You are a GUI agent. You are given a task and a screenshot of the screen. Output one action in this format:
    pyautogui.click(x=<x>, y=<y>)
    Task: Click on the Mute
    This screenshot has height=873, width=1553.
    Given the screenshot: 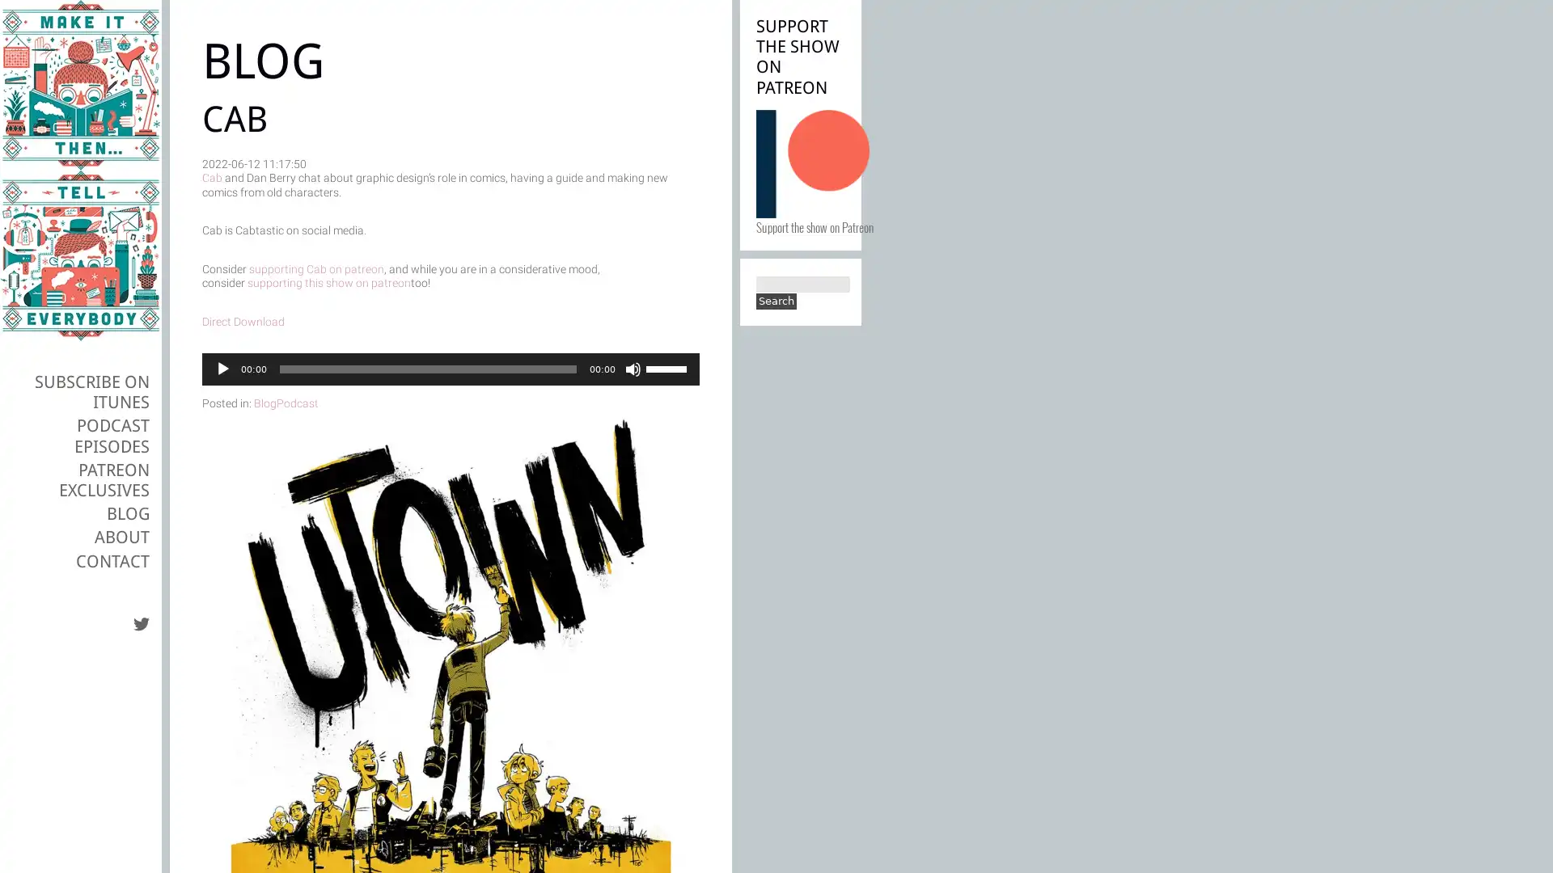 What is the action you would take?
    pyautogui.click(x=632, y=369)
    